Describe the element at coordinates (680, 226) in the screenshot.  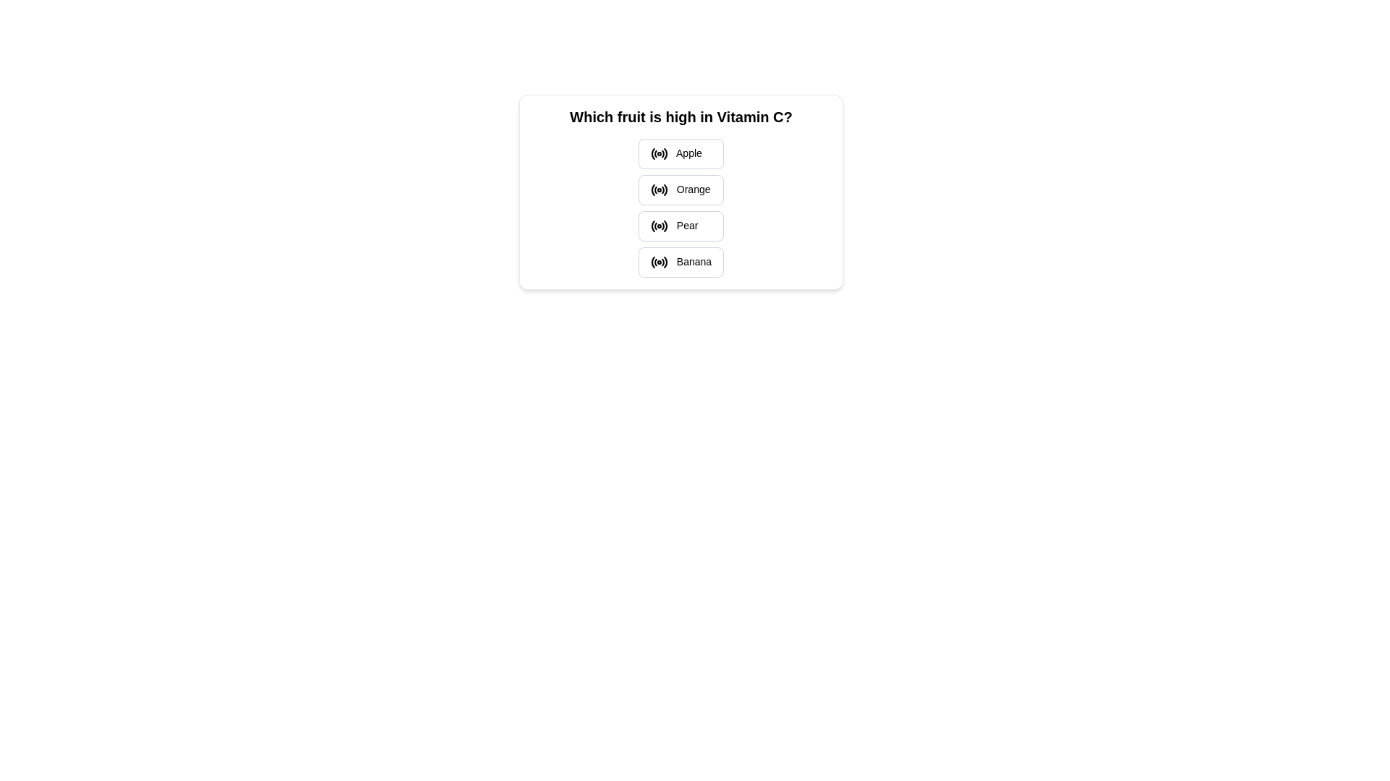
I see `the 'Pear' radio button option, which is the third choice in a vertical list of four options` at that location.